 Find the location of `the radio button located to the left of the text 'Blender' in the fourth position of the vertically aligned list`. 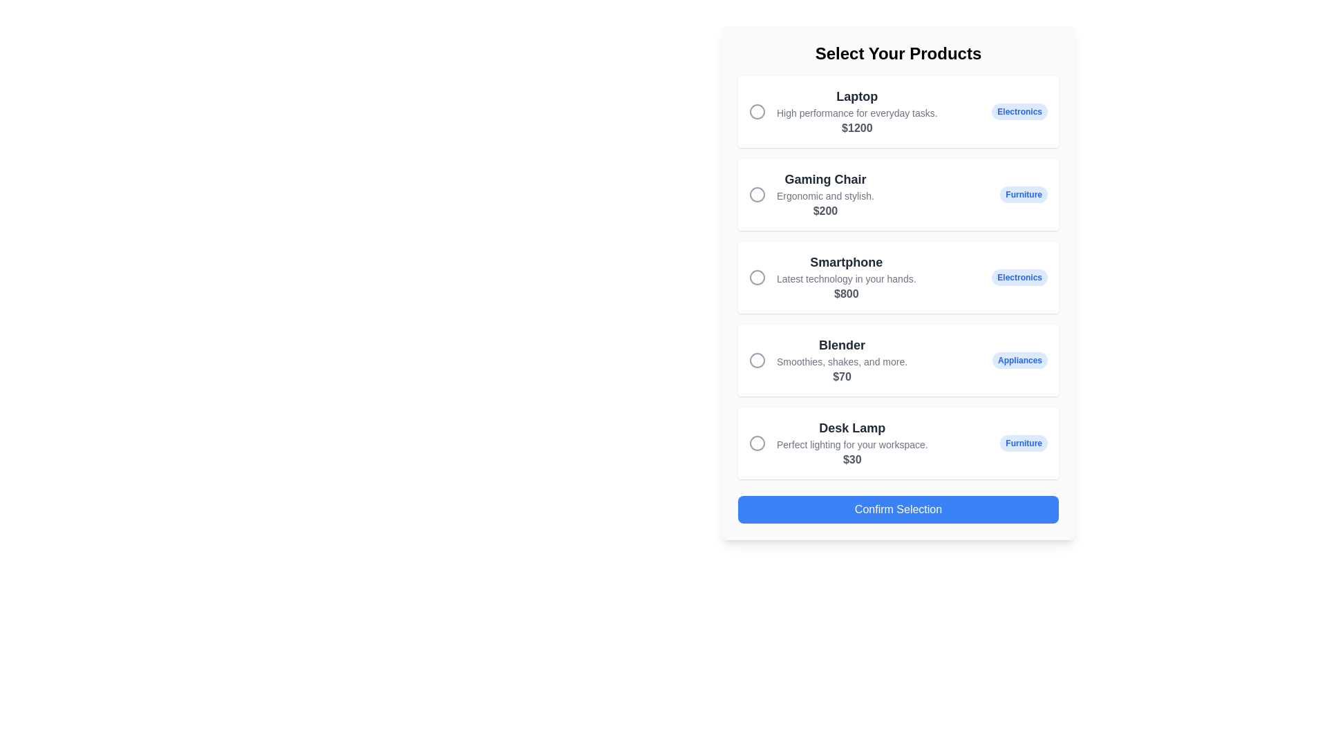

the radio button located to the left of the text 'Blender' in the fourth position of the vertically aligned list is located at coordinates (756, 359).